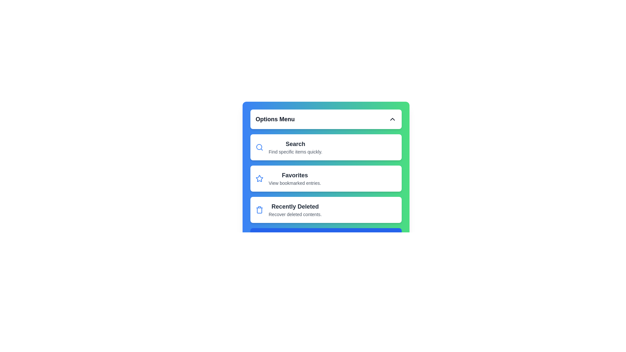  Describe the element at coordinates (295, 152) in the screenshot. I see `the text label displaying 'Find specific items quickly.' which is located directly below the 'Search' heading in the UI` at that location.